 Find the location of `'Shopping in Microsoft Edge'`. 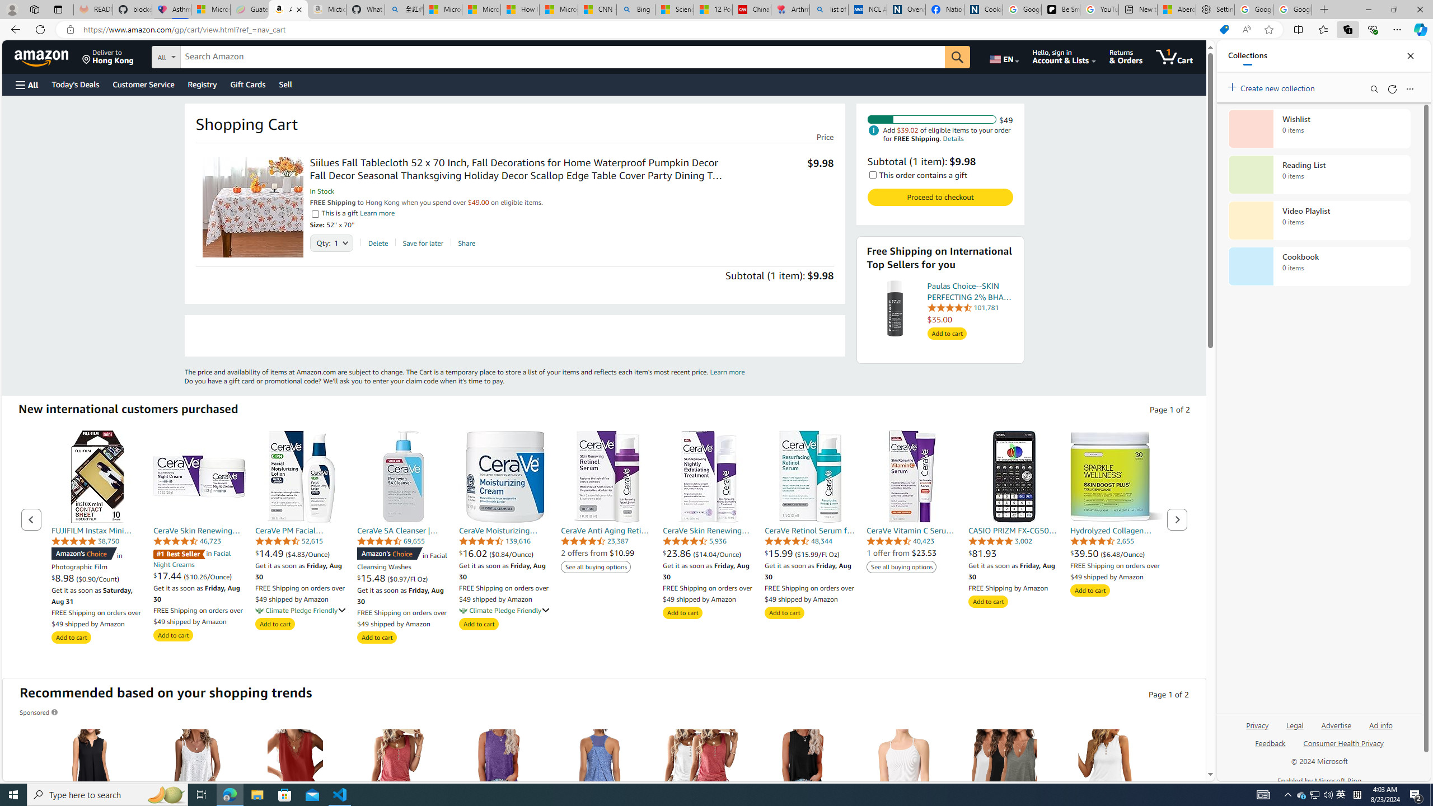

'Shopping in Microsoft Edge' is located at coordinates (1223, 30).